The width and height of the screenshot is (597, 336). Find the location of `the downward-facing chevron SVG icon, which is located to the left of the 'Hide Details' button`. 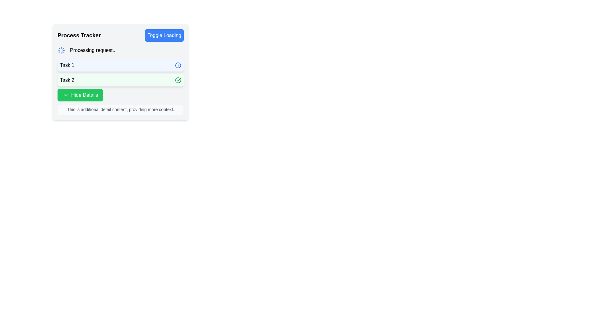

the downward-facing chevron SVG icon, which is located to the left of the 'Hide Details' button is located at coordinates (66, 95).